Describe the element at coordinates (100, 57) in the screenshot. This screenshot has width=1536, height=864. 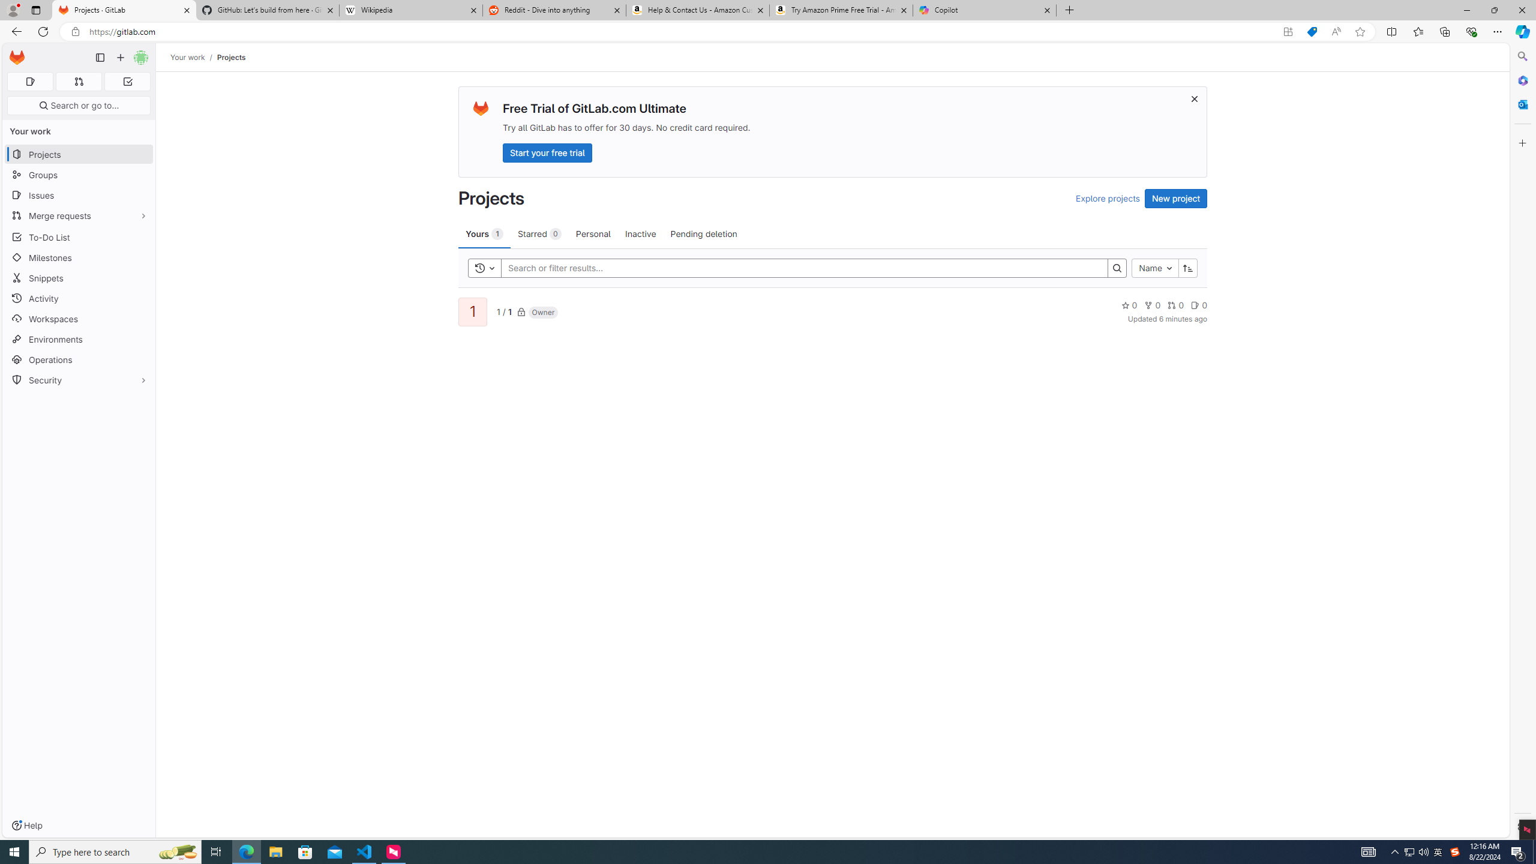
I see `'Primary navigation sidebar'` at that location.